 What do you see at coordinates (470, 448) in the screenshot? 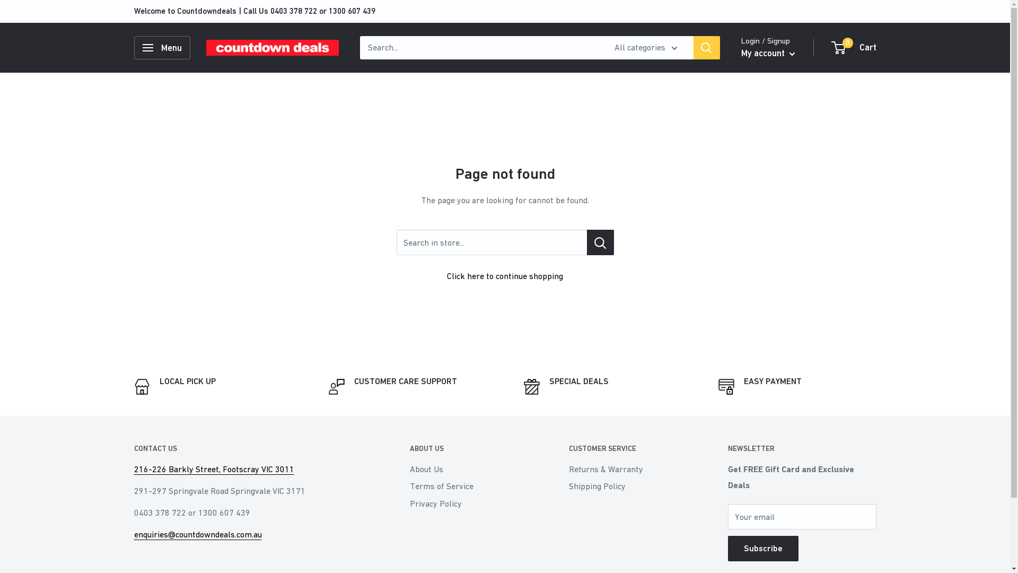
I see `'ABOUT US'` at bounding box center [470, 448].